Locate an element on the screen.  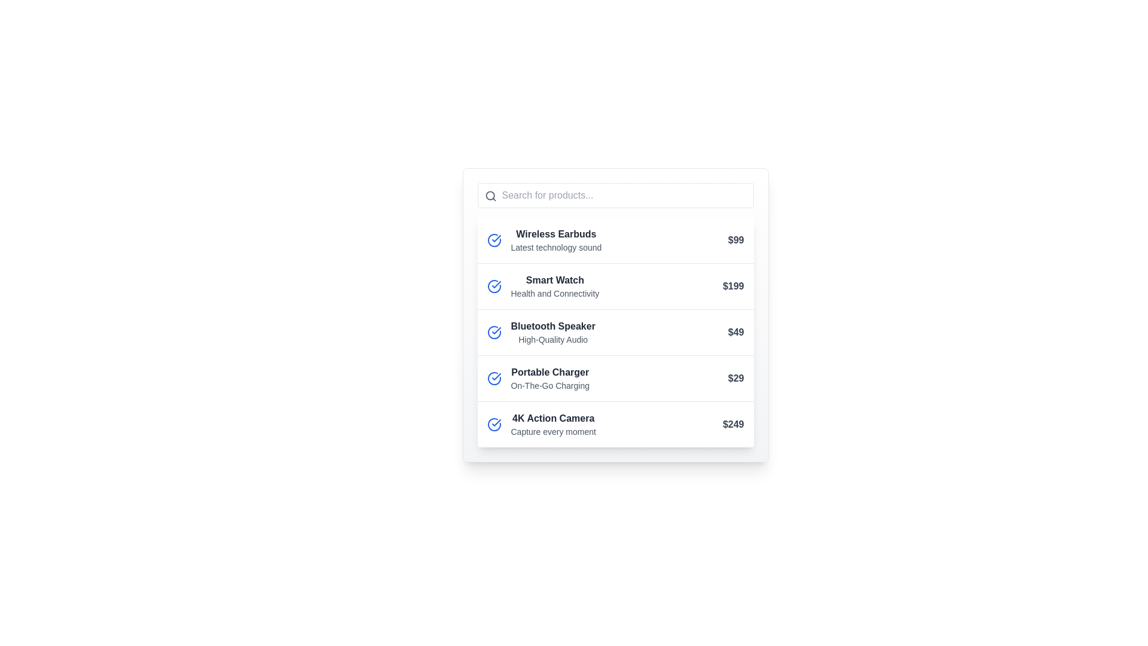
the text label that provides additional context for the 'Bluetooth Speaker' item, located directly below the main label in the vertically aligned menu is located at coordinates (552, 339).